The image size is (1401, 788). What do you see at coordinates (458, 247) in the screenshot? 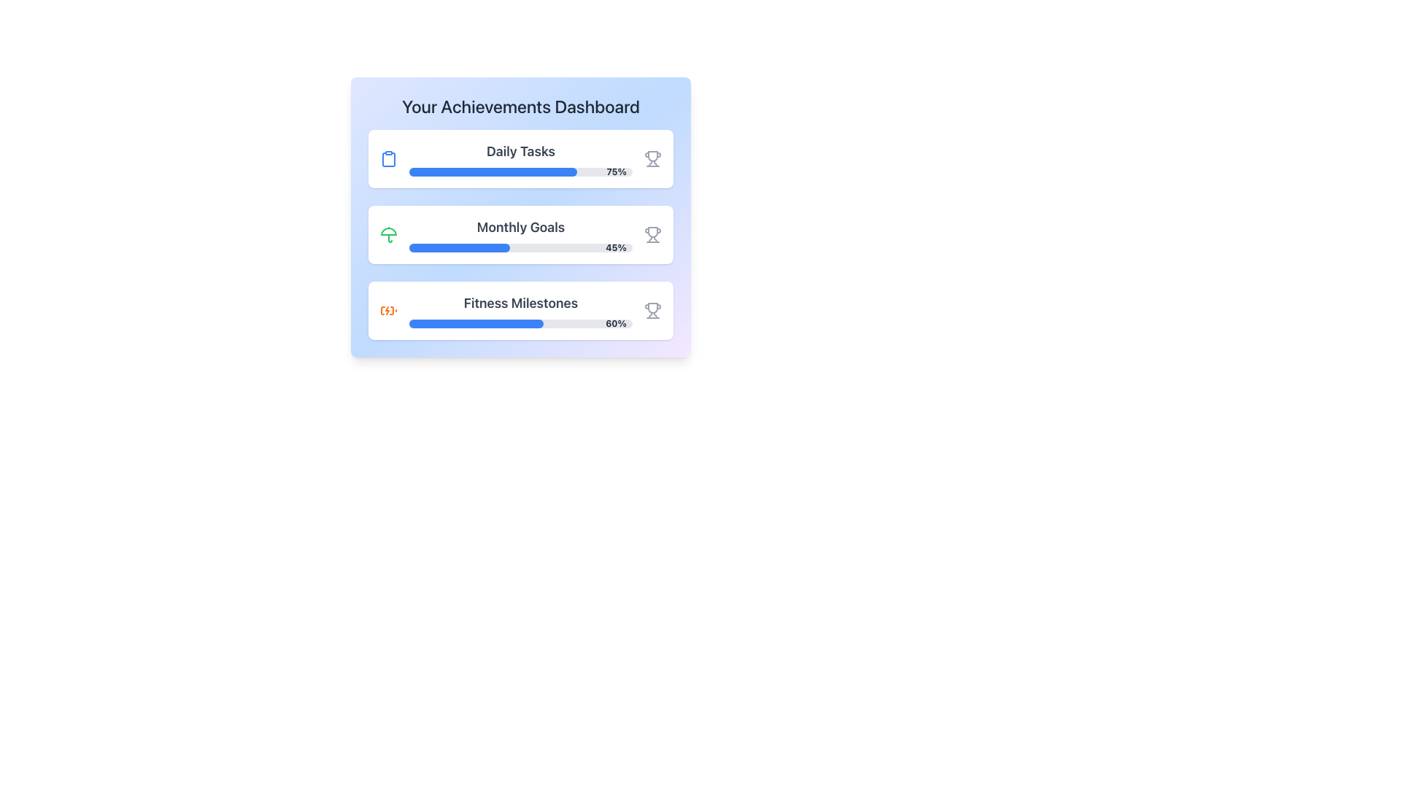
I see `the area of the blue progress bar segment indicating 45% completion within the light gray progress bar on the 'Your Achievements Dashboard' interface` at bounding box center [458, 247].